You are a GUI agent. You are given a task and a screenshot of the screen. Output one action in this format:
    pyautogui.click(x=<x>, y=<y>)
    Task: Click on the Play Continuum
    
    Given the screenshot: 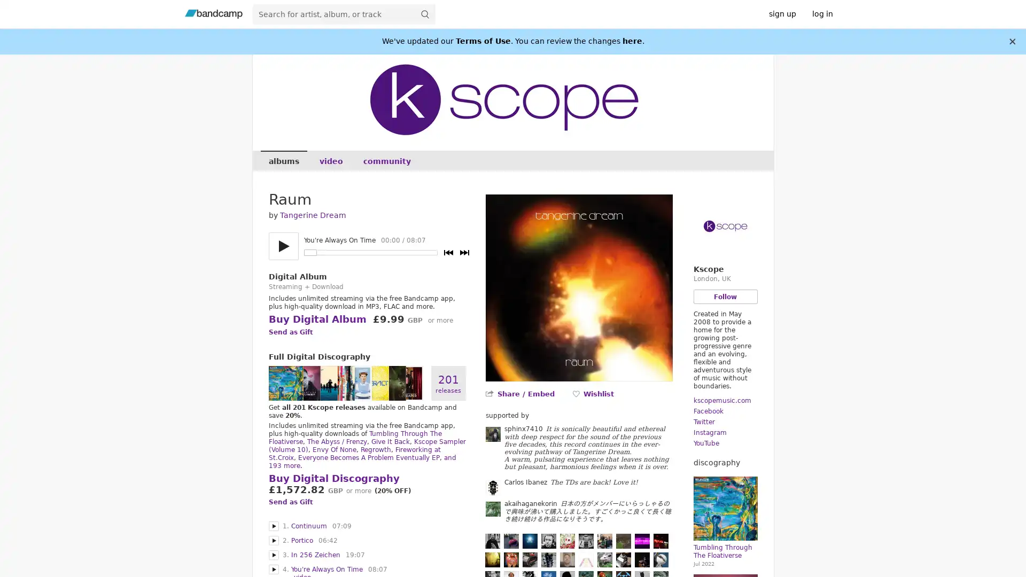 What is the action you would take?
    pyautogui.click(x=273, y=525)
    